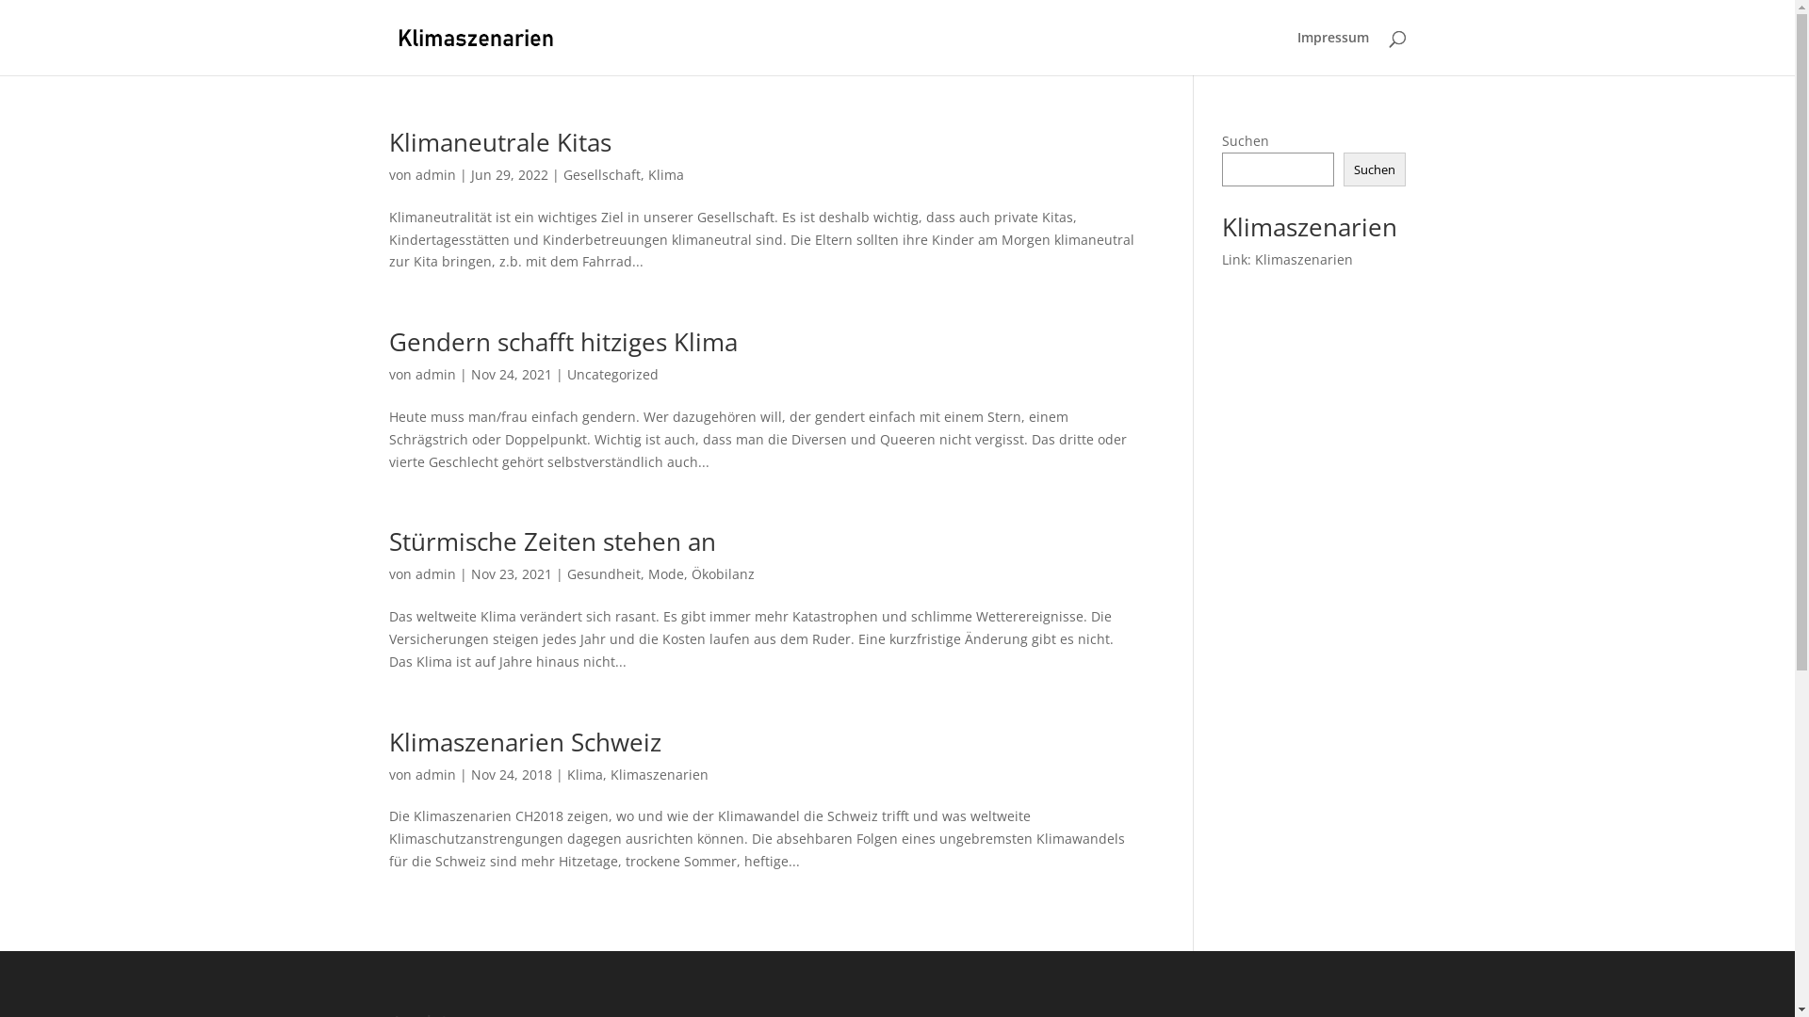  What do you see at coordinates (433, 774) in the screenshot?
I see `'admin'` at bounding box center [433, 774].